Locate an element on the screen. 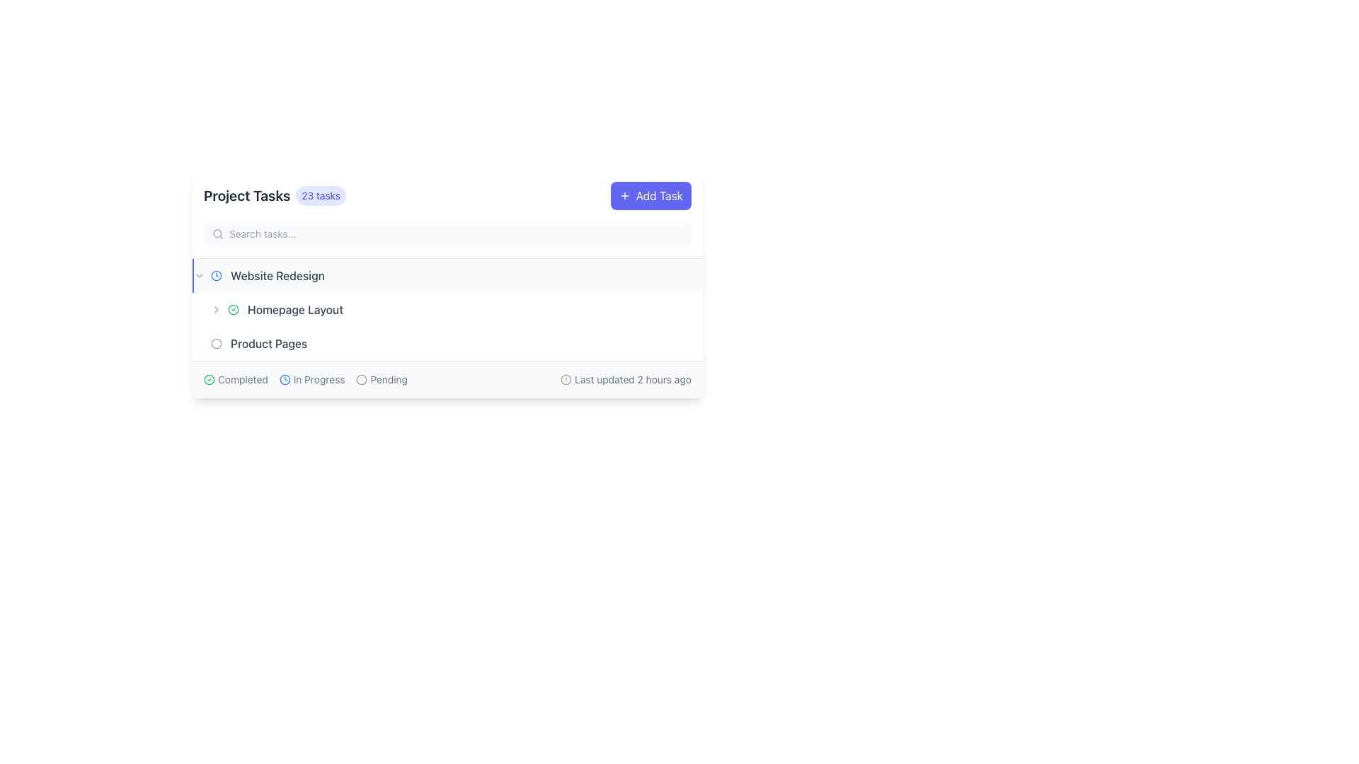  the outer circle of the checkmark icon indicating the completion status of the 'Homepage Layout' task, located in the second task row is located at coordinates (209, 378).